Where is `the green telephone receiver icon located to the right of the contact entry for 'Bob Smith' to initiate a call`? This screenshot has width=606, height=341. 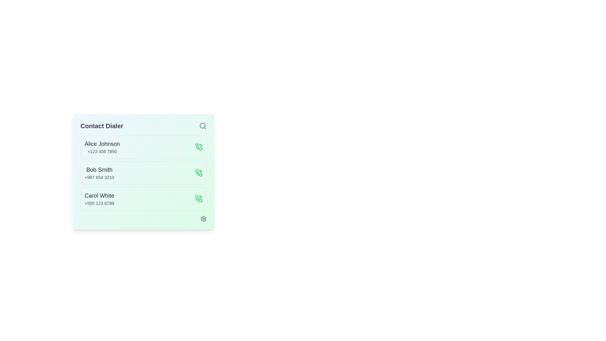
the green telephone receiver icon located to the right of the contact entry for 'Bob Smith' to initiate a call is located at coordinates (198, 173).